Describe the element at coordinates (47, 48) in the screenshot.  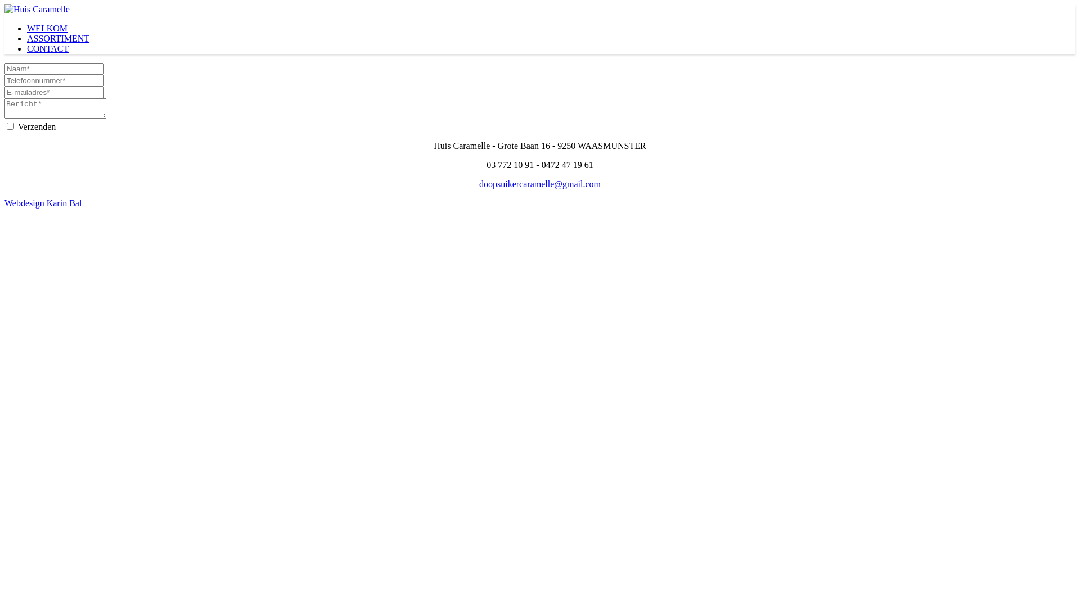
I see `'CONTACT'` at that location.